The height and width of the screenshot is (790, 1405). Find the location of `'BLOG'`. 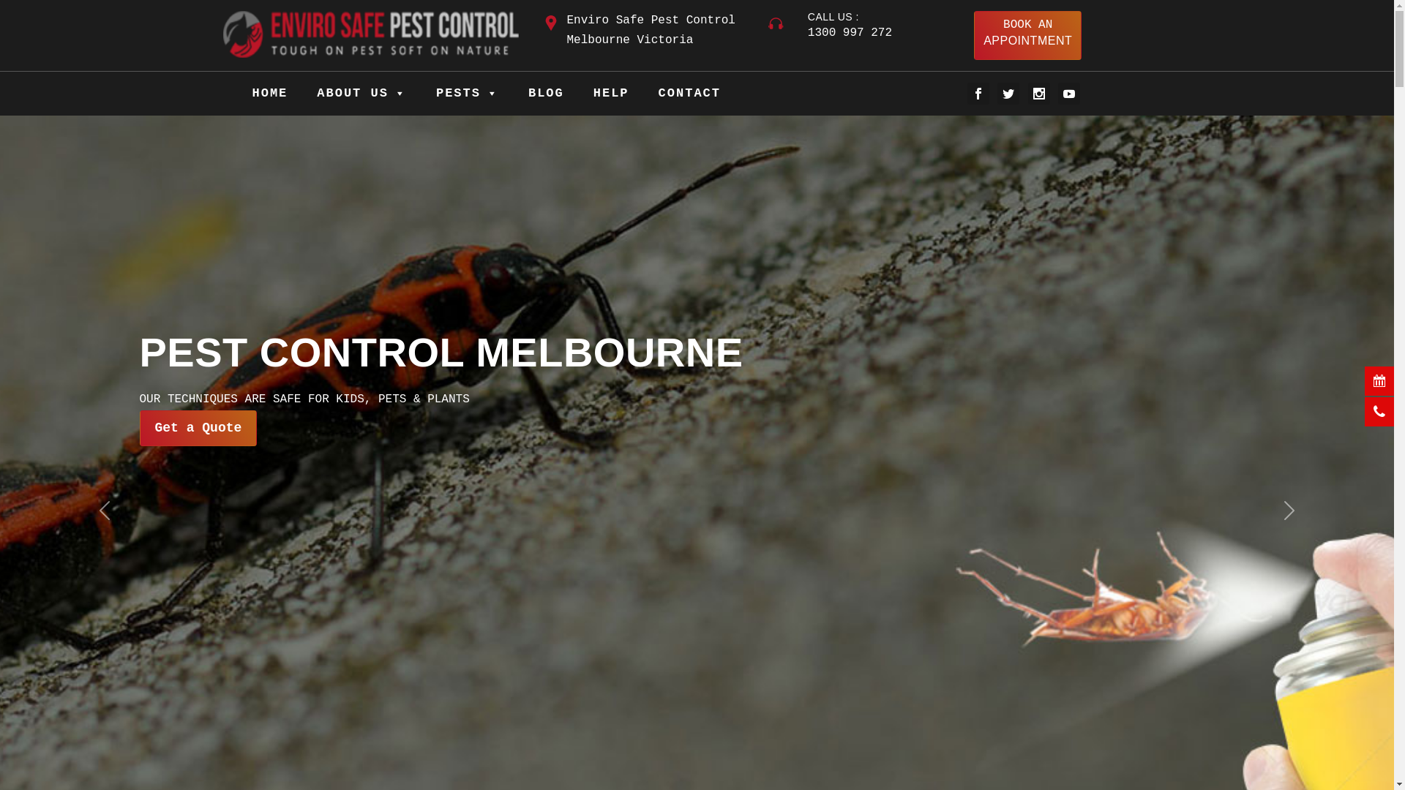

'BLOG' is located at coordinates (545, 93).